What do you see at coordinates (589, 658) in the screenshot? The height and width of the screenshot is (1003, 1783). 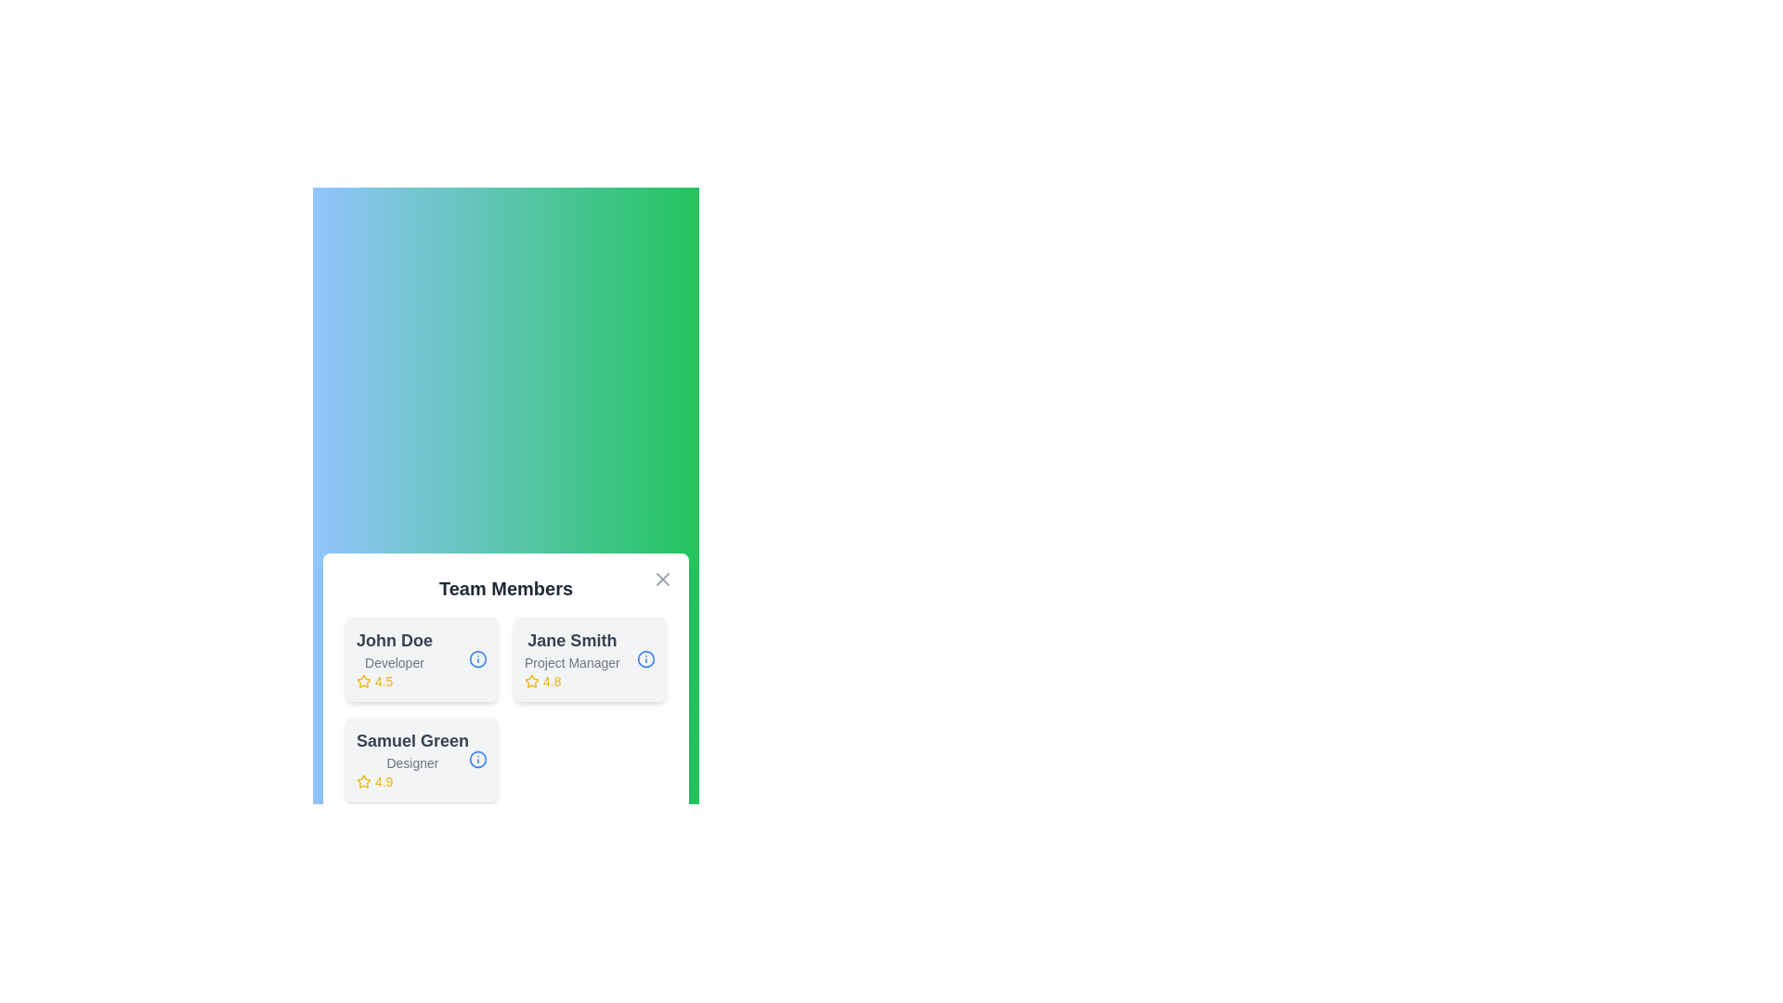 I see `the profile card of Jane Smith` at bounding box center [589, 658].